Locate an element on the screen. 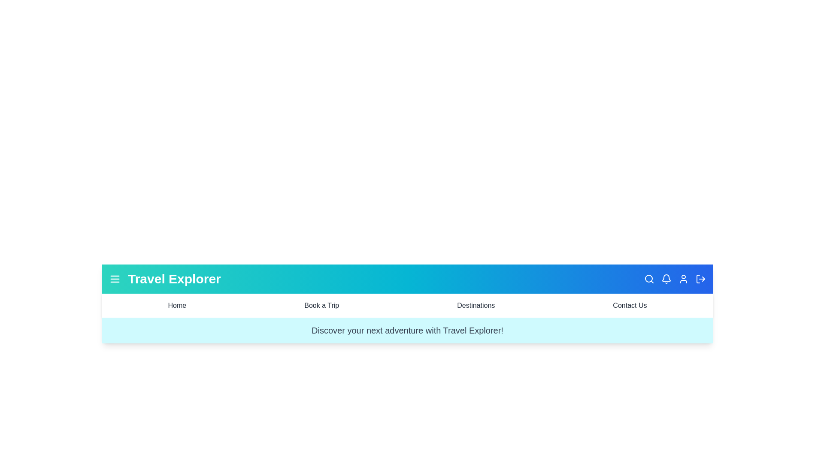 This screenshot has width=824, height=463. the navigation link labeled Destinations is located at coordinates (476, 305).